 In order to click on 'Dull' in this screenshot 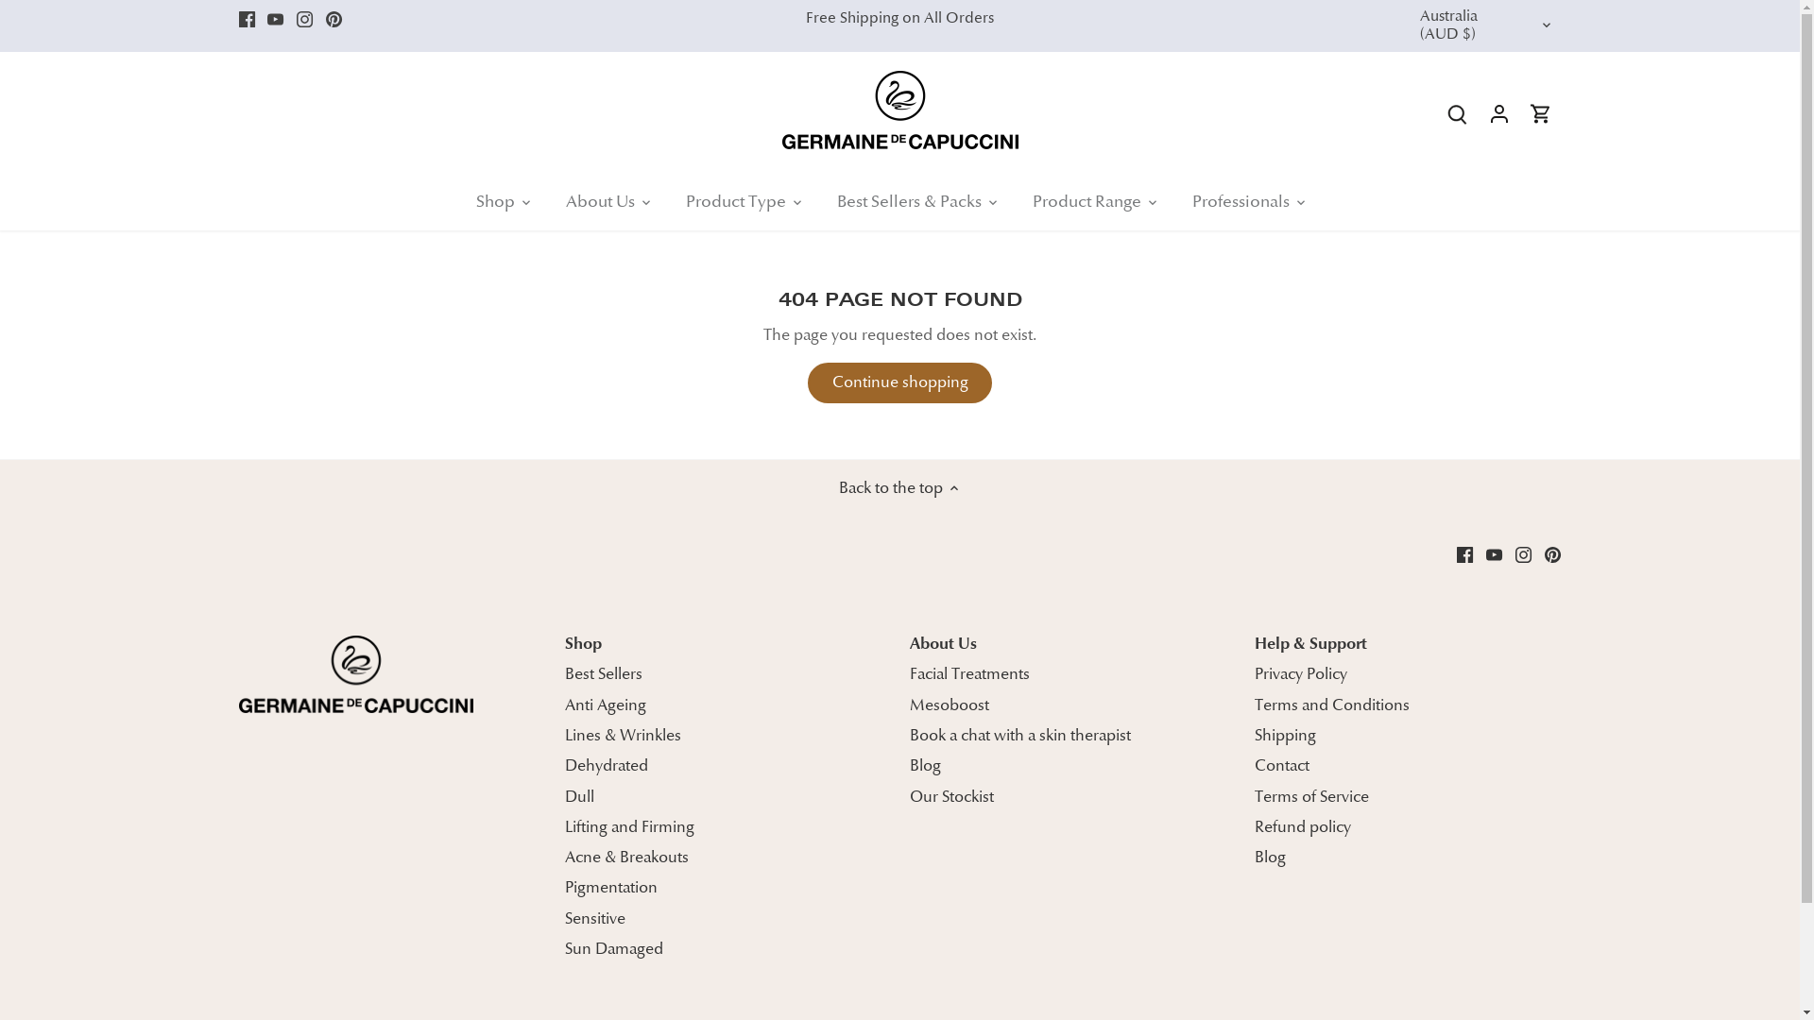, I will do `click(578, 797)`.